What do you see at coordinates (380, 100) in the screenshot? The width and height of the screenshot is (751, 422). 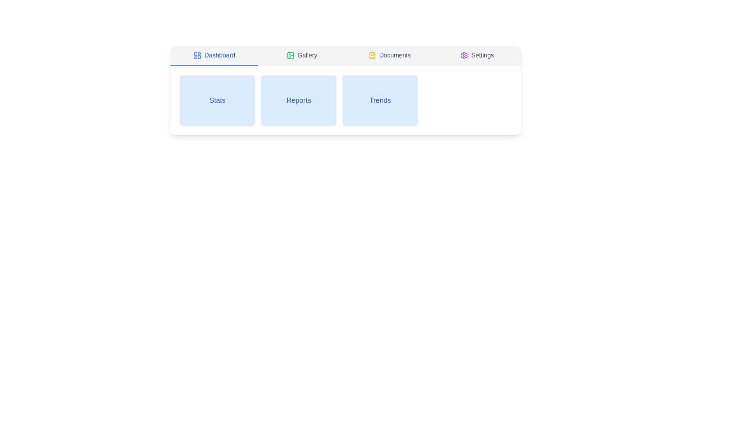 I see `the text label reading 'Trends' which is styled in a blue font and is located in the center of the third card in a horizontal list of cards` at bounding box center [380, 100].